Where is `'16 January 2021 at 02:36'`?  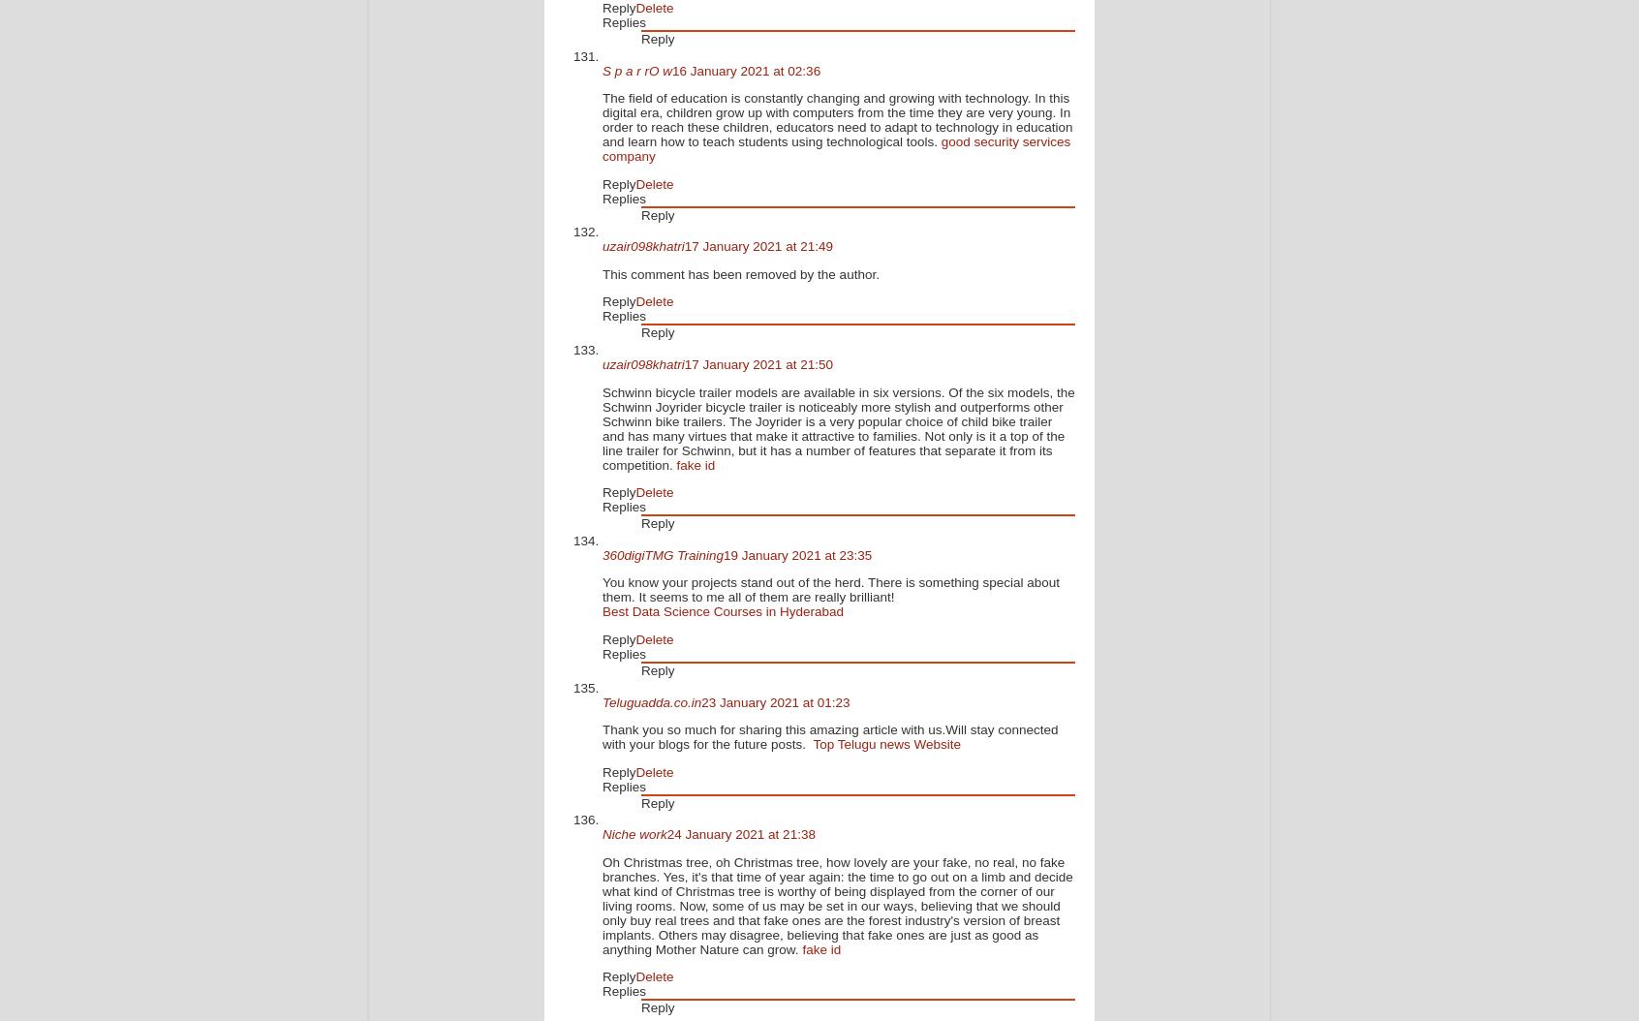 '16 January 2021 at 02:36' is located at coordinates (745, 69).